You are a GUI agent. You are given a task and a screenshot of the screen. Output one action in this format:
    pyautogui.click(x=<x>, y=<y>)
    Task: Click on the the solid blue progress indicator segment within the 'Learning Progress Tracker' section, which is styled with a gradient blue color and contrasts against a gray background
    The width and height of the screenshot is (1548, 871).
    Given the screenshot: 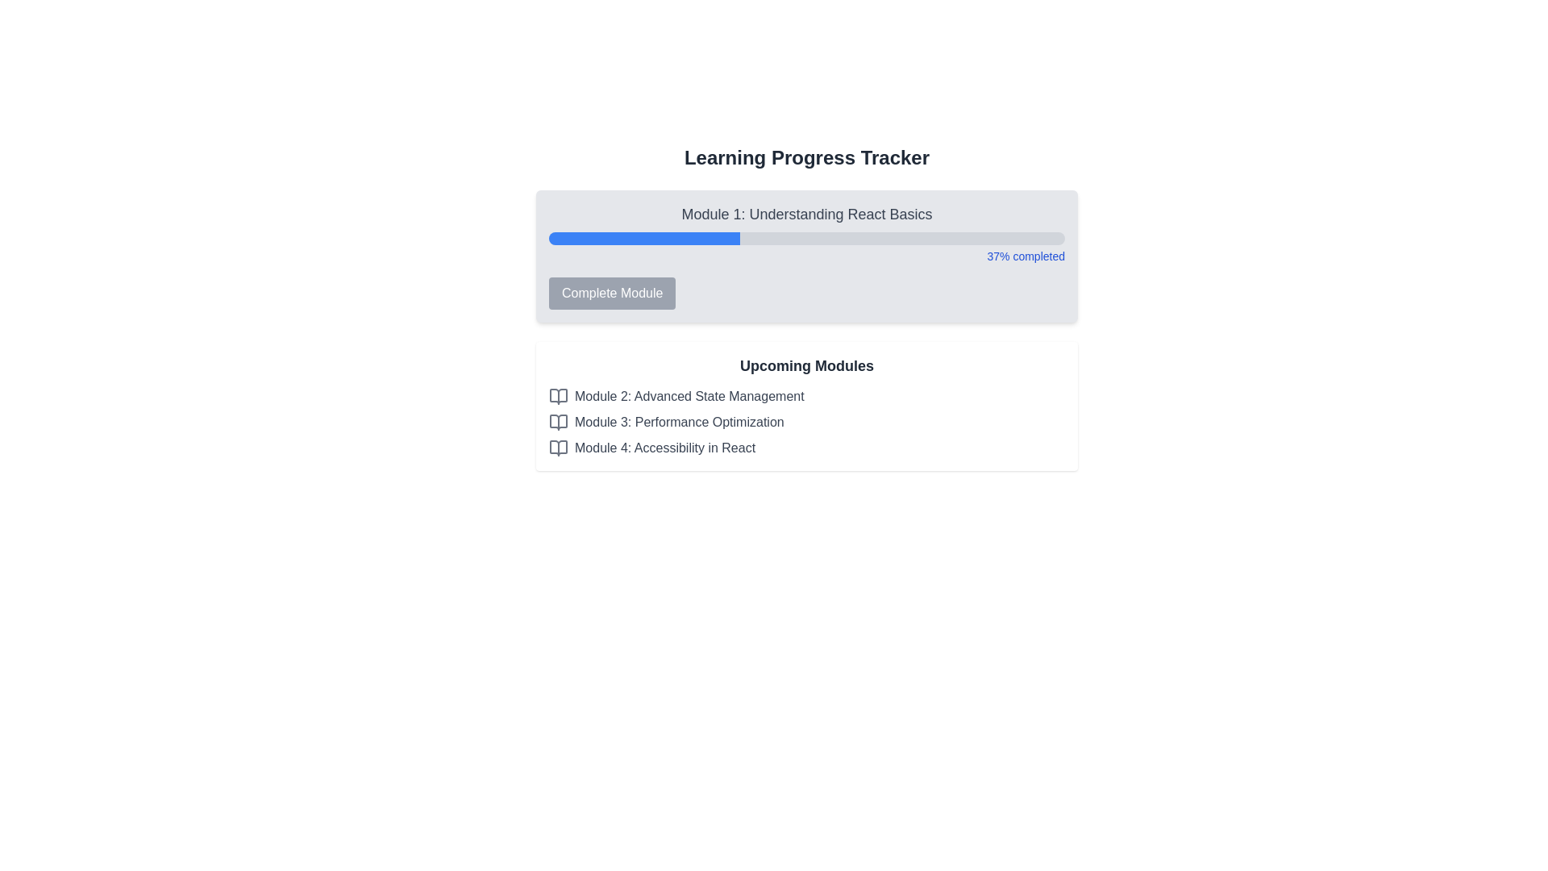 What is the action you would take?
    pyautogui.click(x=630, y=239)
    